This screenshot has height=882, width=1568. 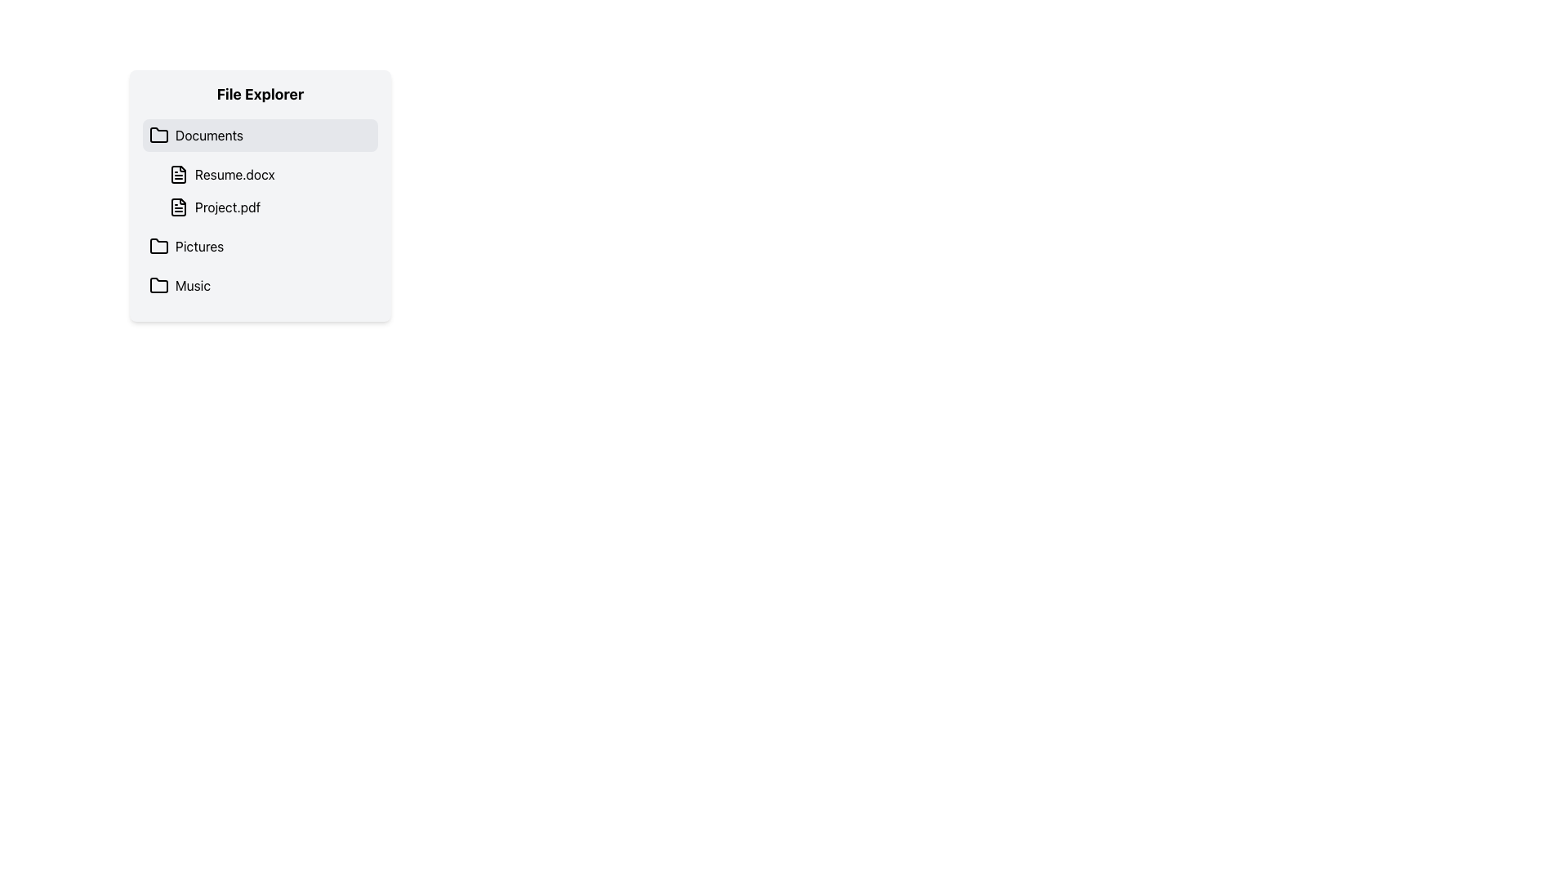 What do you see at coordinates (159, 246) in the screenshot?
I see `the folder icon, which is a minimalist design with a black stroke, located to the left of the text labeled 'Pictures' in the File Explorer interface` at bounding box center [159, 246].